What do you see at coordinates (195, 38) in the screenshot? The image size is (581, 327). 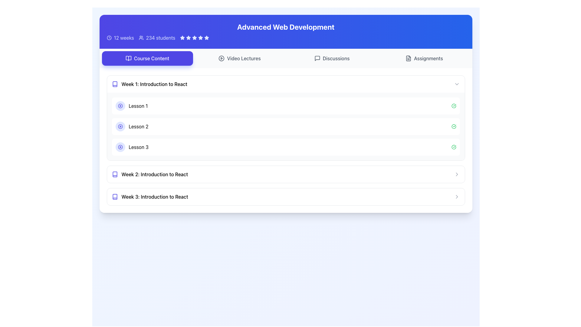 I see `the fourth star icon in the rating group, which is a five-pointed star outline filled with color, located on the top right of the central header section` at bounding box center [195, 38].